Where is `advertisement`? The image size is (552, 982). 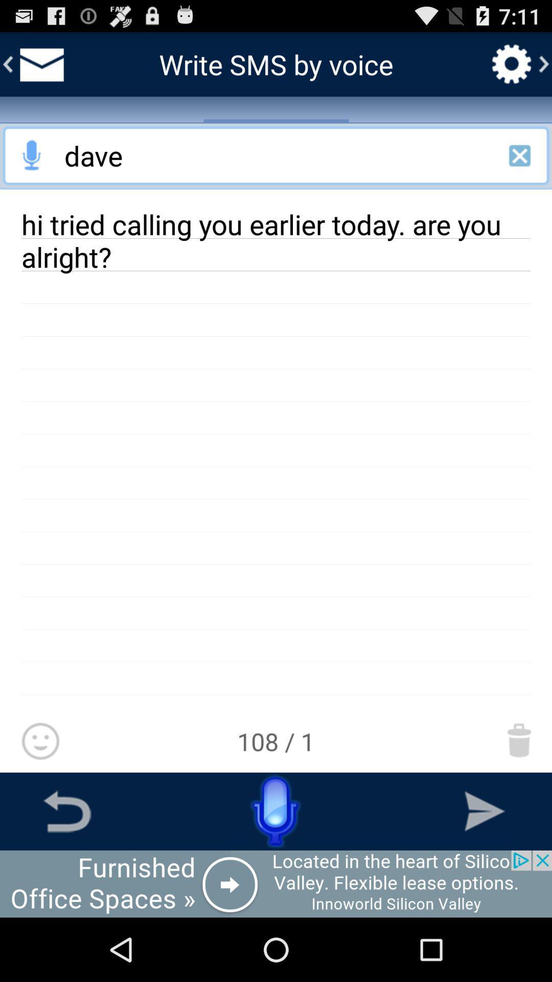
advertisement is located at coordinates (31, 155).